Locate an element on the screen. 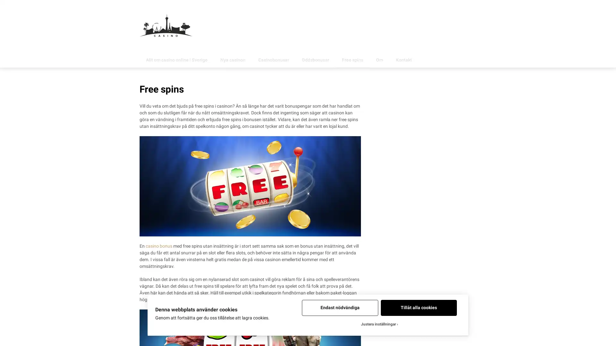 The height and width of the screenshot is (346, 616). Tillat alla cookies is located at coordinates (419, 307).